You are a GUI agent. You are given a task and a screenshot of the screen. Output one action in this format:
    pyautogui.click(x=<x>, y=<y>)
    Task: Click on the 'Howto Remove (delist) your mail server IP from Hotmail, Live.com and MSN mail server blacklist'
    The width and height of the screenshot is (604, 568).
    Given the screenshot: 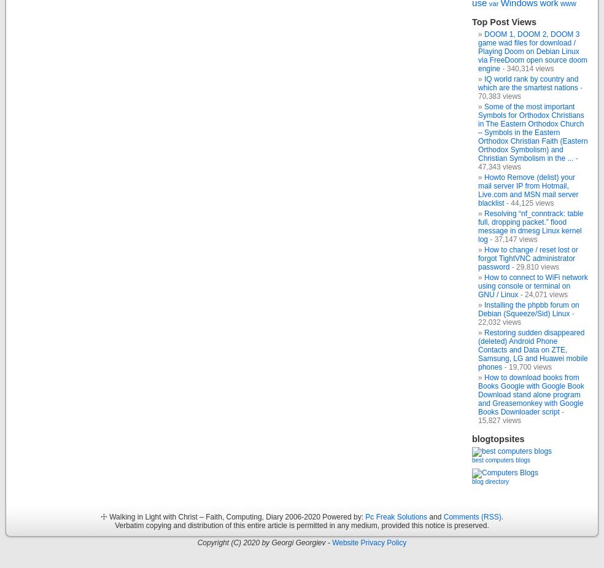 What is the action you would take?
    pyautogui.click(x=527, y=189)
    